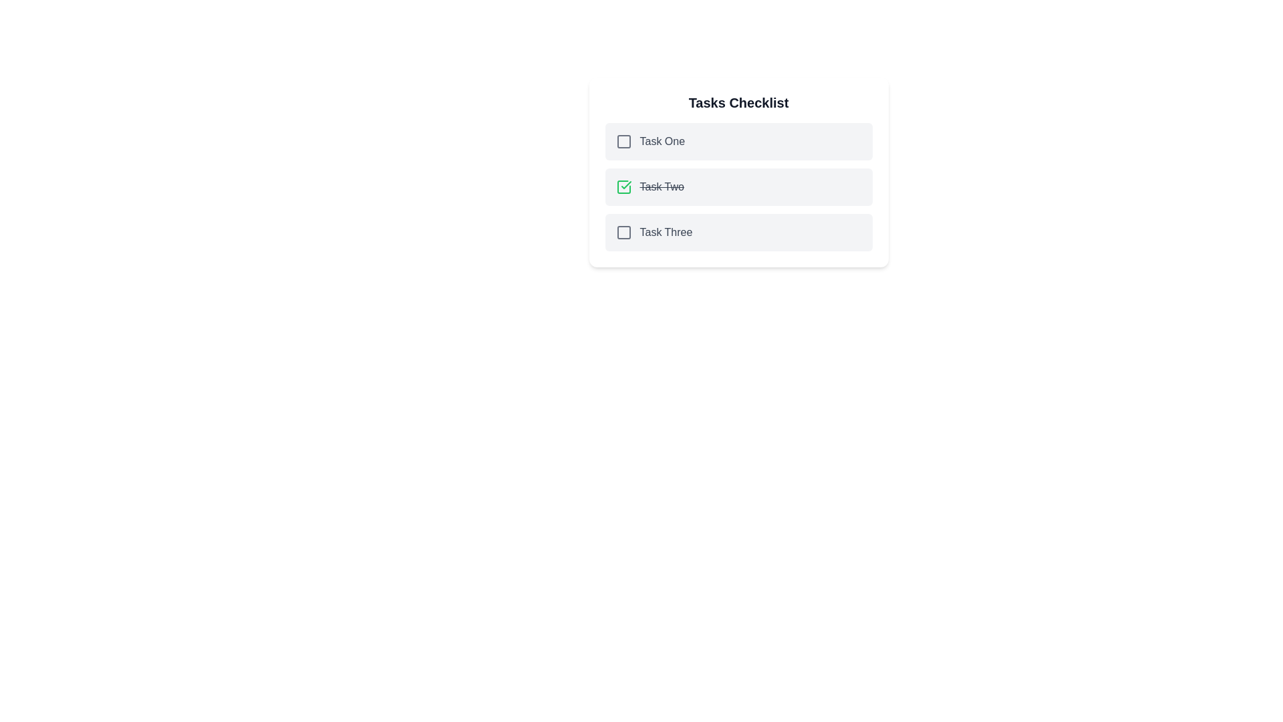  Describe the element at coordinates (623, 187) in the screenshot. I see `the checkbox icon indicating the completed status of 'Task Two'` at that location.